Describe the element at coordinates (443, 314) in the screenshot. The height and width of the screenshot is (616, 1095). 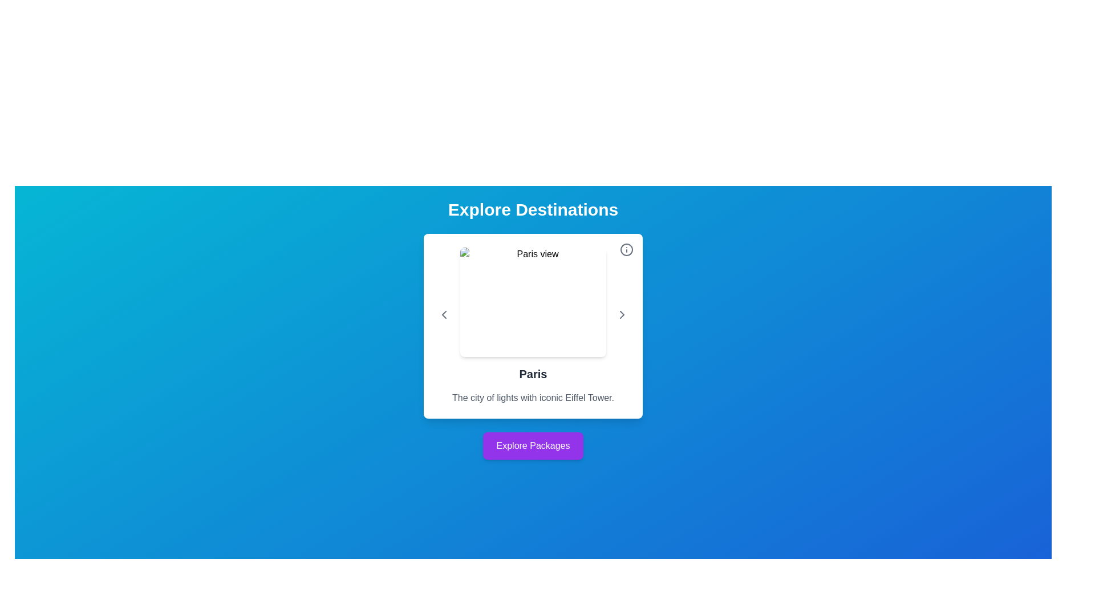
I see `the navigation button that allows the user to move to the previous item in the sequence, located to the left of a picture and descriptive text about 'Paris'` at that location.